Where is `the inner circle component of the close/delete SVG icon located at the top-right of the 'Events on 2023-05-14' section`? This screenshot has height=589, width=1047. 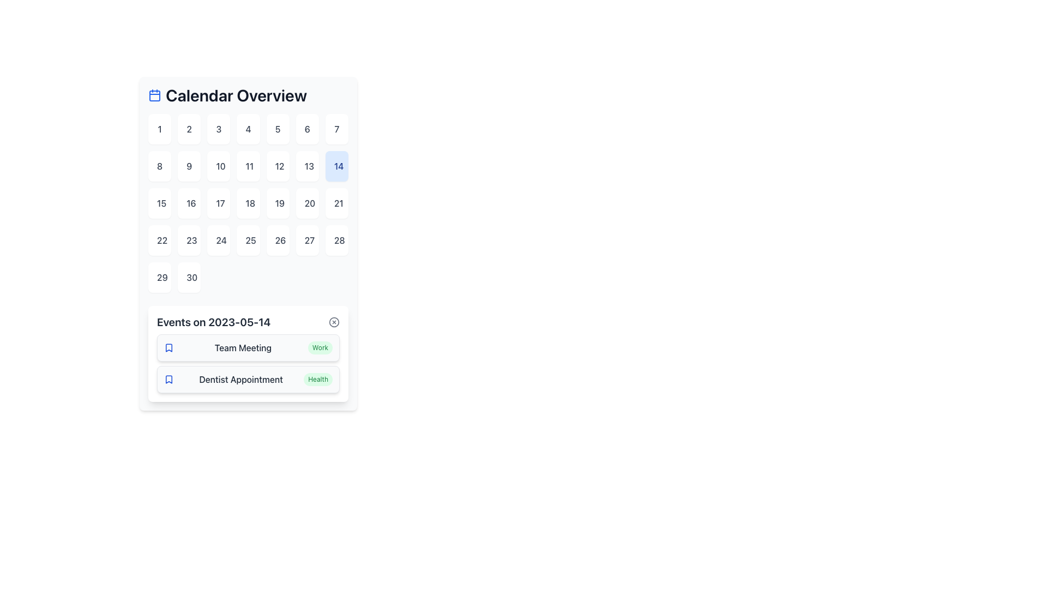 the inner circle component of the close/delete SVG icon located at the top-right of the 'Events on 2023-05-14' section is located at coordinates (334, 321).